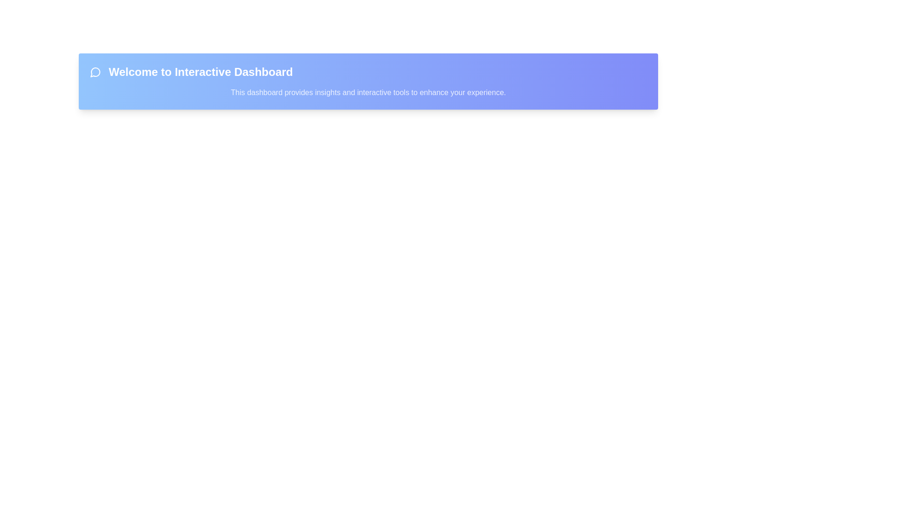  What do you see at coordinates (95, 72) in the screenshot?
I see `the circular speech bubble icon located in the header section of the 'Interactive Dashboard', positioned to the left of the 'Welcome to Interactive Dashboard' text` at bounding box center [95, 72].